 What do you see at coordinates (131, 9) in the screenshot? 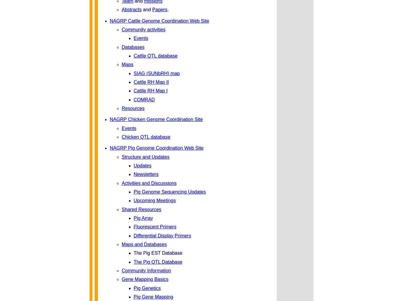
I see `'Abstracts'` at bounding box center [131, 9].